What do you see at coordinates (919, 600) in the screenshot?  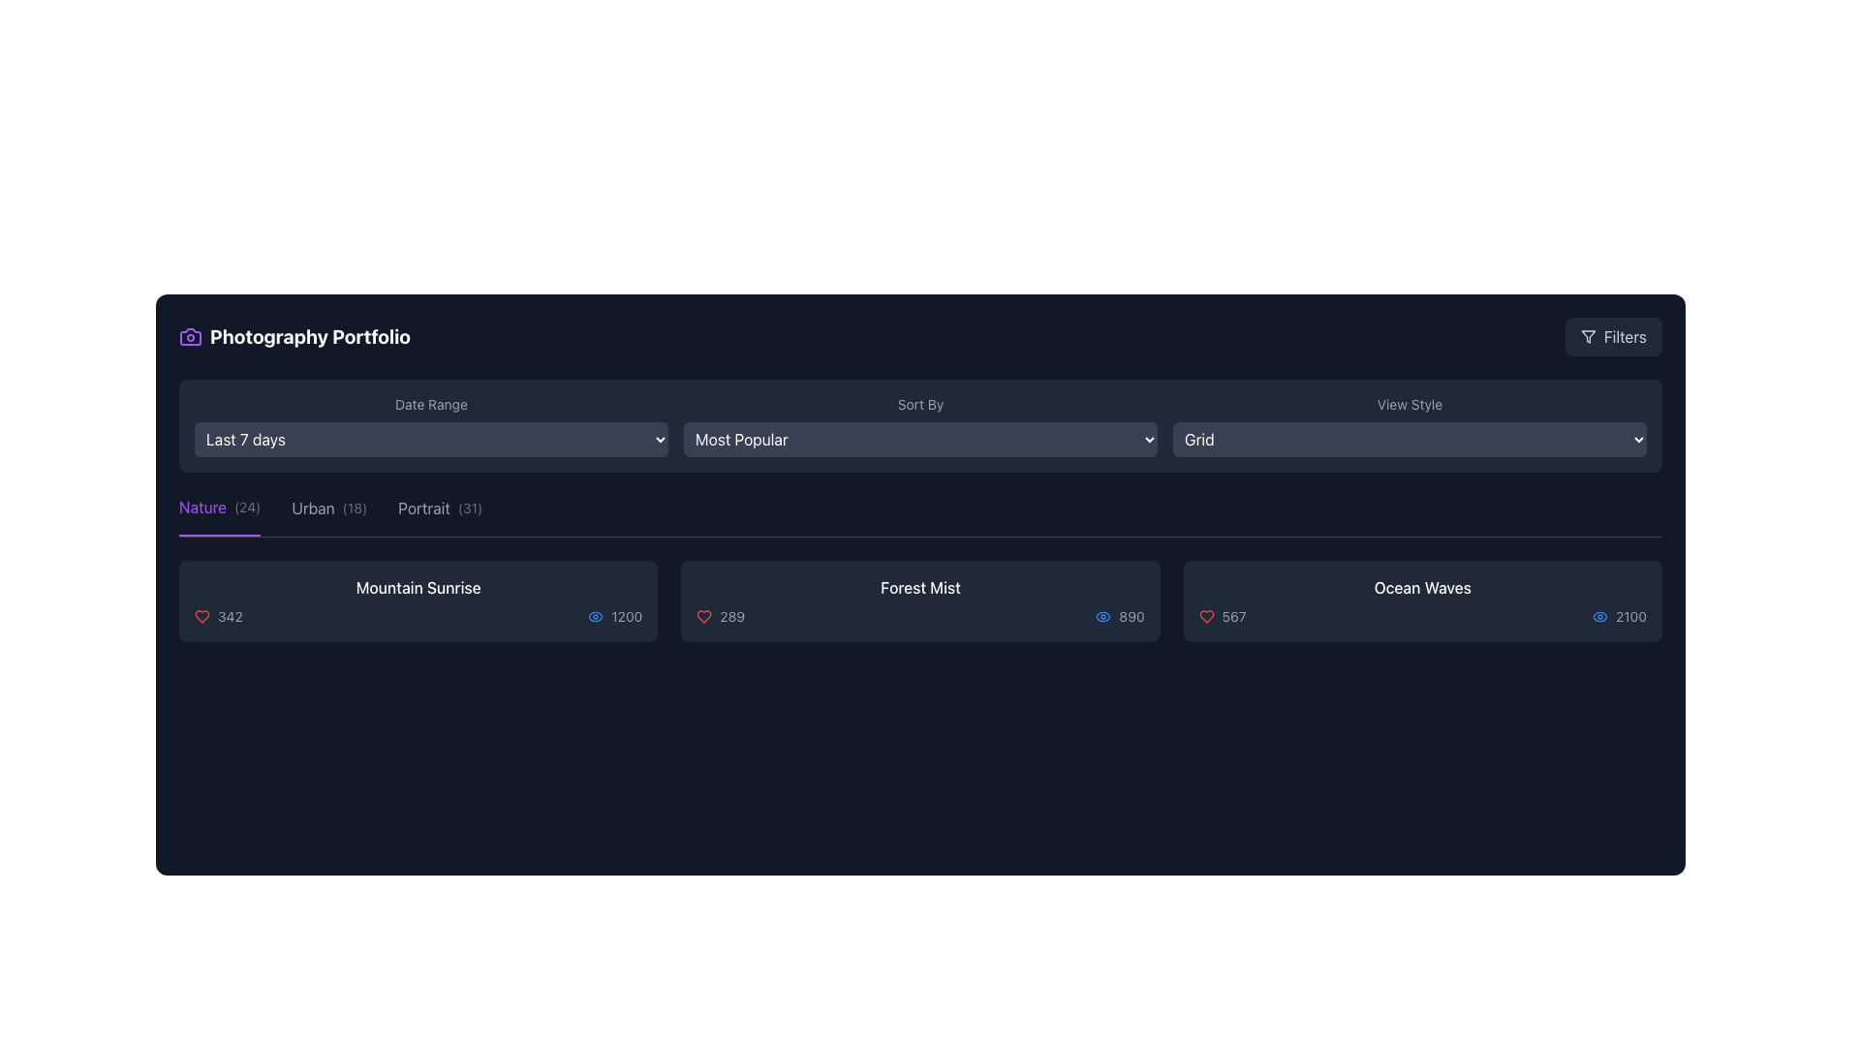 I see `the grid item displaying the 'Forest Mist' portfolio details, positioned in the lower half of the 'Photography Portfolio' interface` at bounding box center [919, 600].